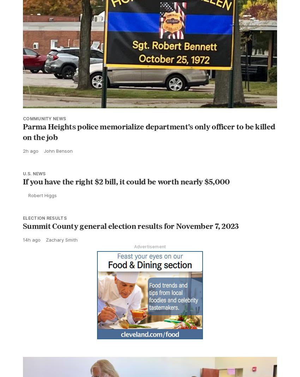 This screenshot has height=377, width=300. Describe the element at coordinates (126, 181) in the screenshot. I see `'If you have the right $2 bill, it could be worth nearly $5,000'` at that location.